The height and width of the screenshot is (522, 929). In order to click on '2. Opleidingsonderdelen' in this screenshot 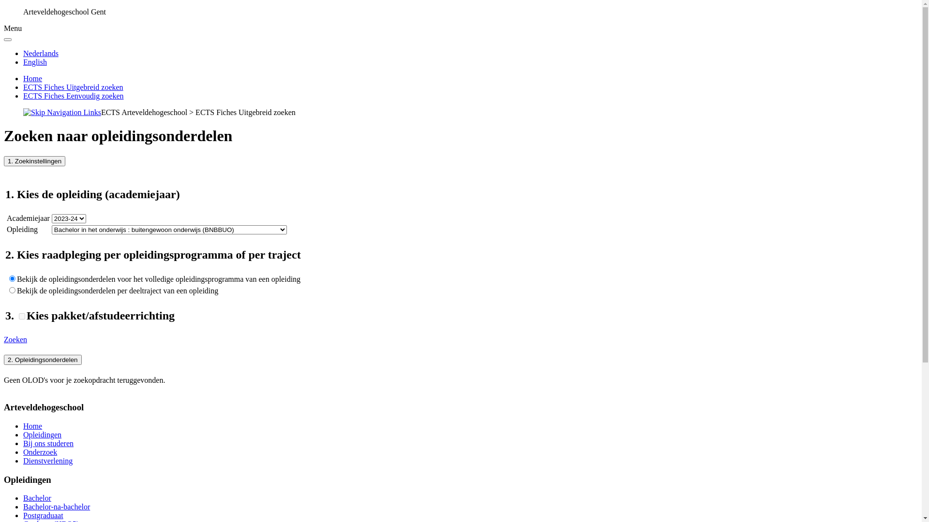, I will do `click(42, 360)`.